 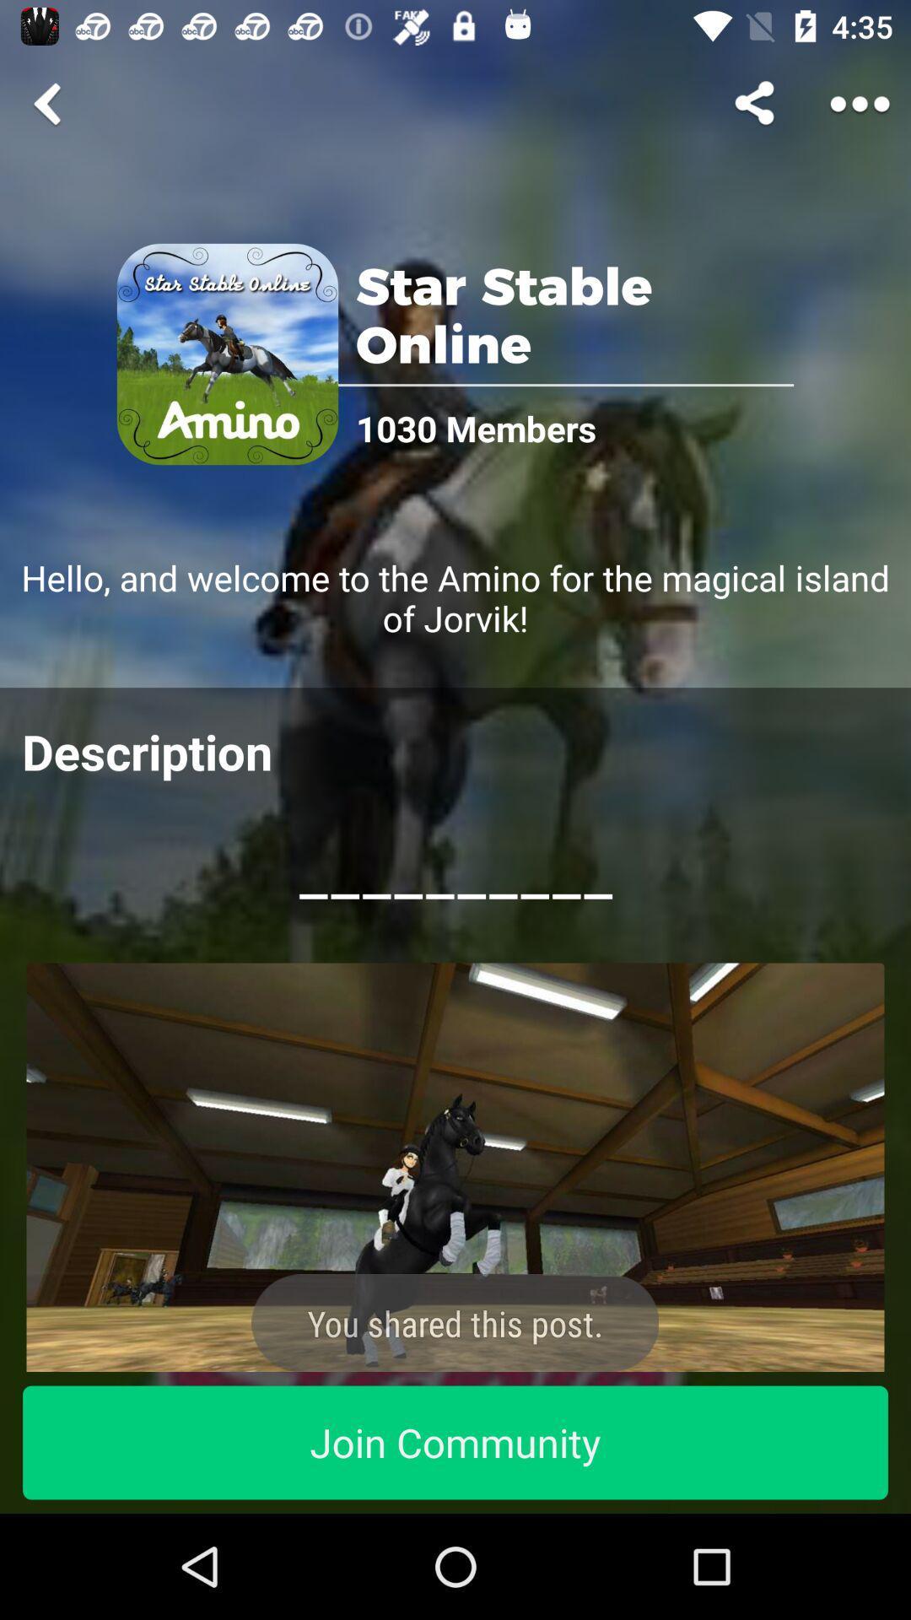 What do you see at coordinates (860, 103) in the screenshot?
I see `more options` at bounding box center [860, 103].